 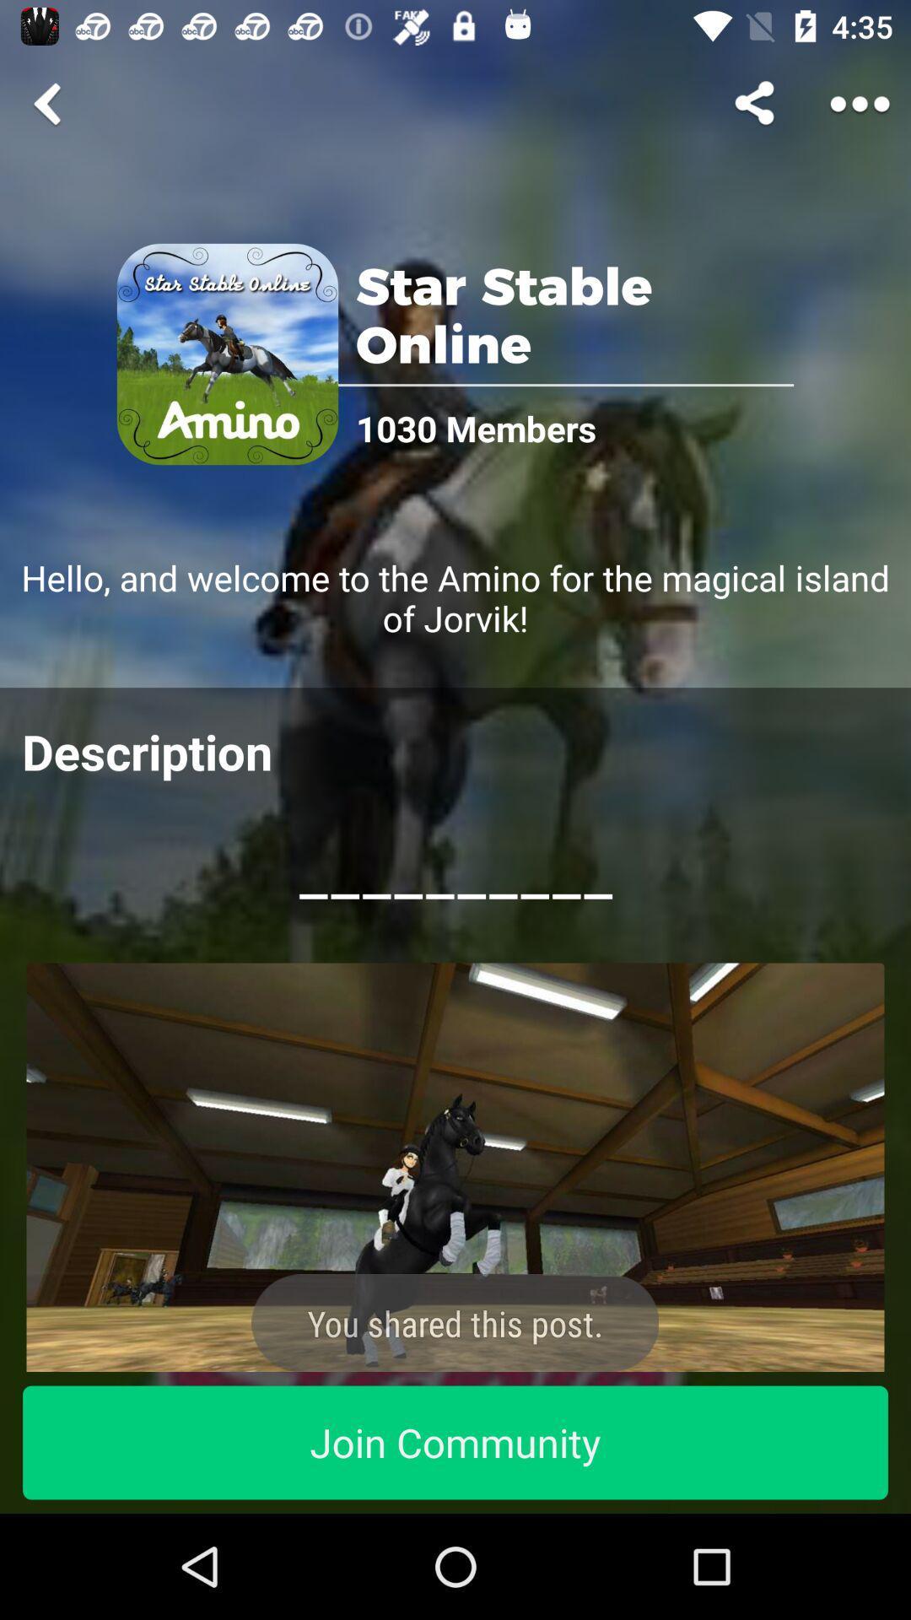 What do you see at coordinates (860, 103) in the screenshot?
I see `more options` at bounding box center [860, 103].